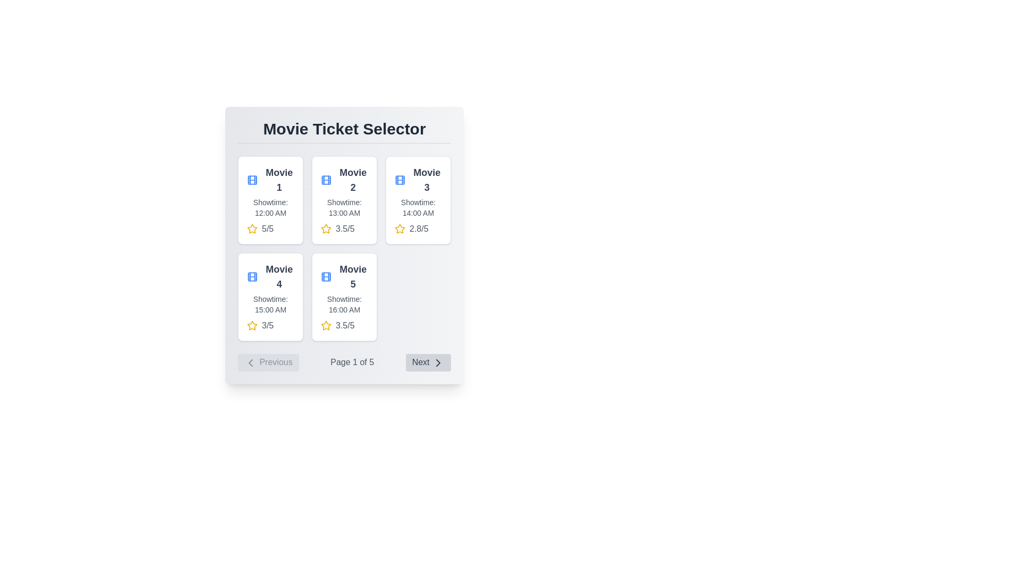 The width and height of the screenshot is (1020, 574). What do you see at coordinates (326, 180) in the screenshot?
I see `the decorative movie icon situated to the left of the text 'Movie 2' in the second card of the movie selection interface` at bounding box center [326, 180].